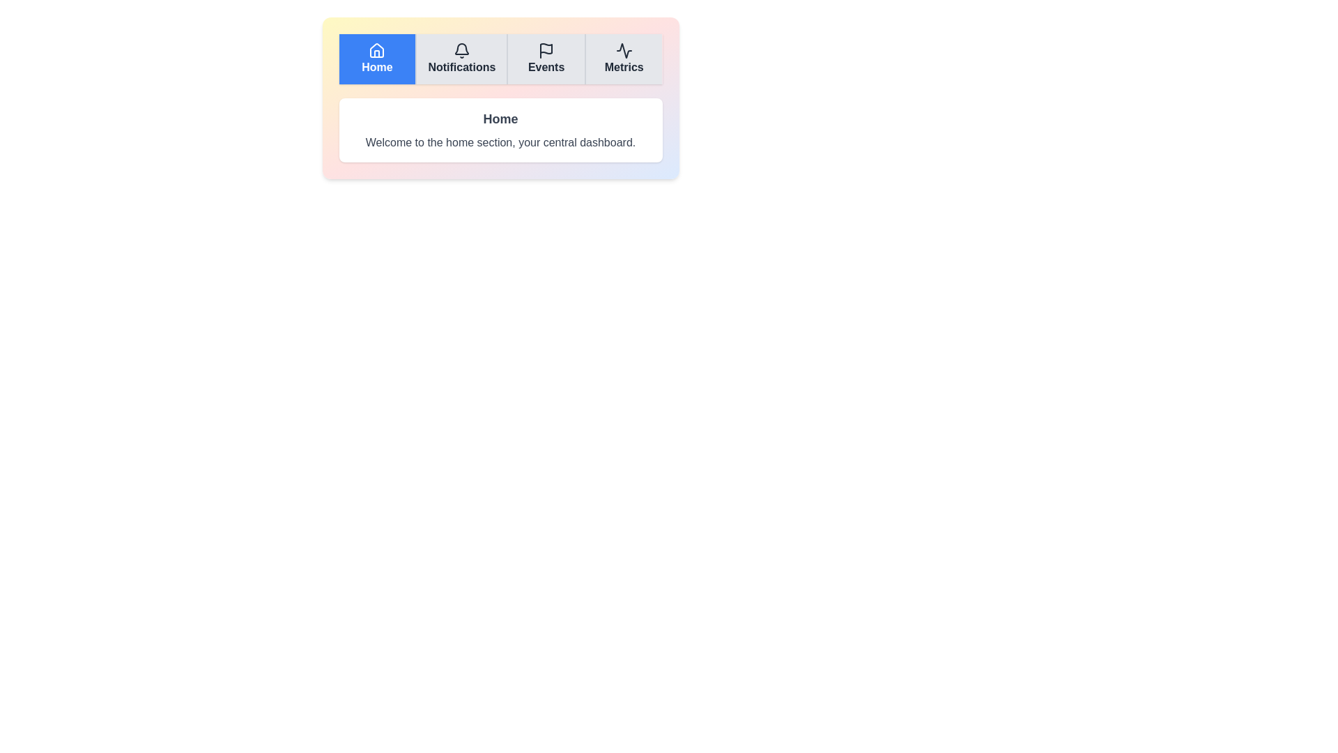 The image size is (1338, 753). What do you see at coordinates (545, 58) in the screenshot?
I see `the Events tab` at bounding box center [545, 58].